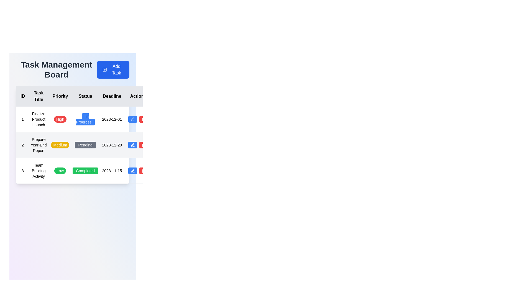 The width and height of the screenshot is (532, 299). I want to click on the pen icon button next to the 'Action' label for the 'Finalize Product Launch' task, so click(132, 119).